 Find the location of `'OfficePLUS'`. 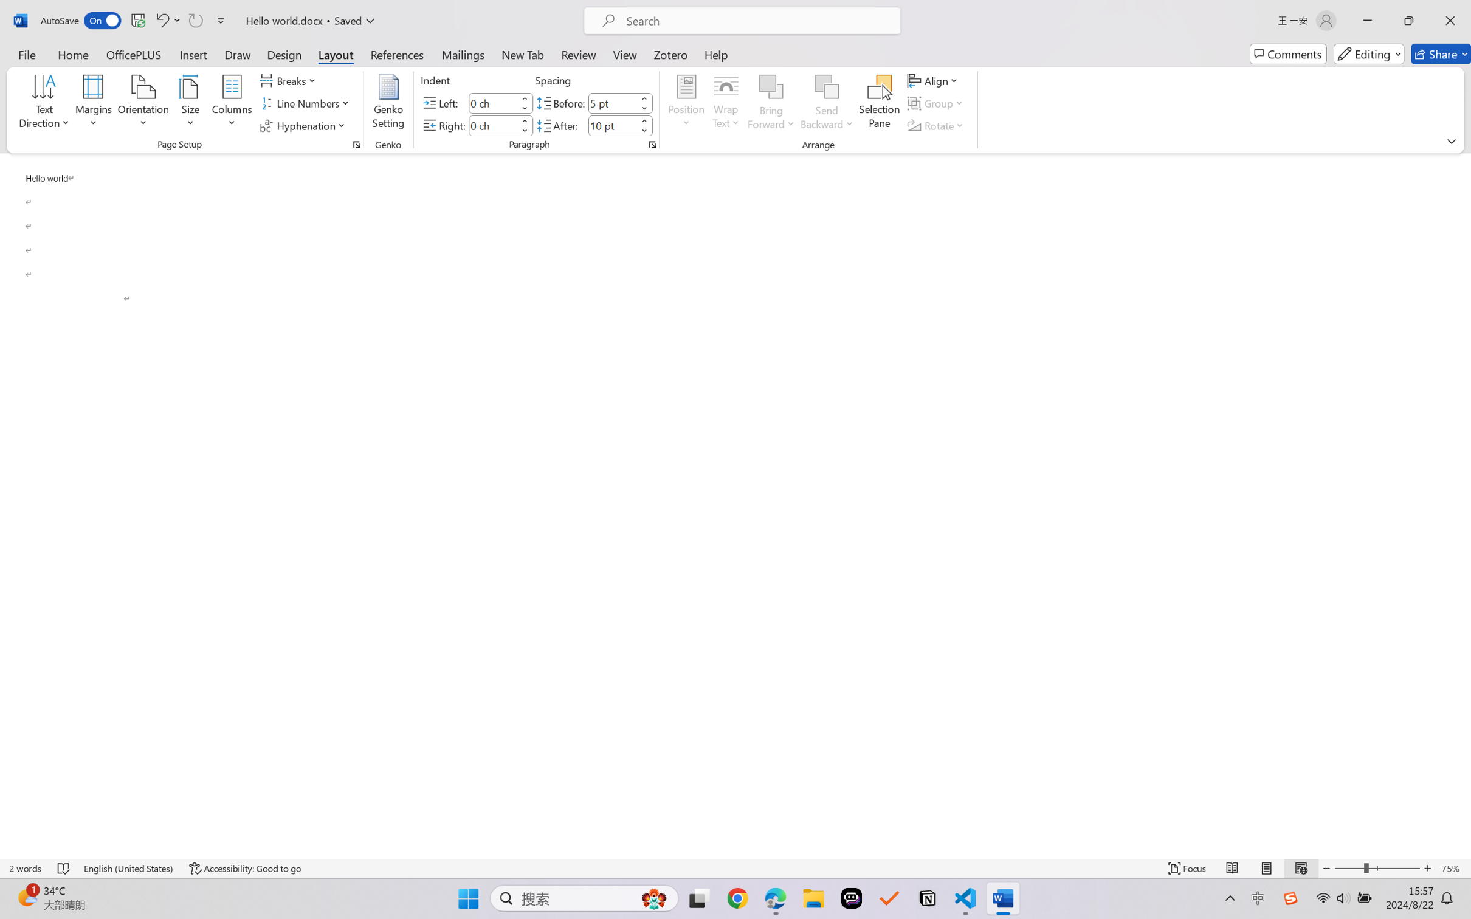

'OfficePLUS' is located at coordinates (133, 53).